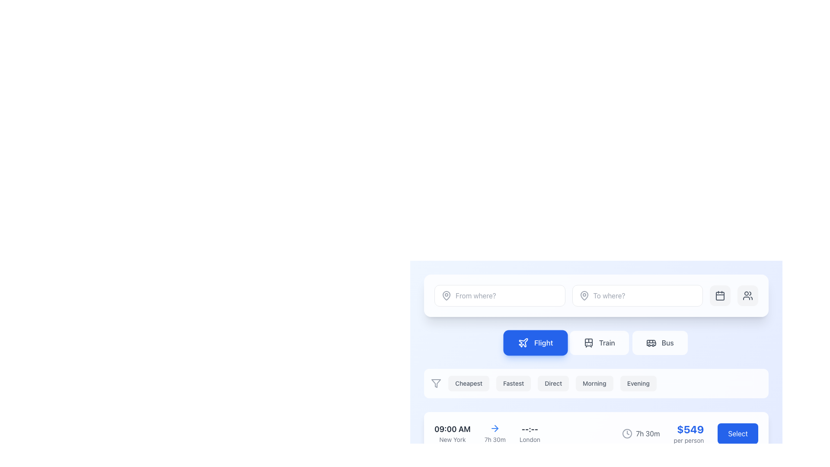 The height and width of the screenshot is (467, 830). Describe the element at coordinates (452, 433) in the screenshot. I see `the informational label displaying the departure time and location ('New York') for a flight, which is the first element in its horizontal arrangement` at that location.